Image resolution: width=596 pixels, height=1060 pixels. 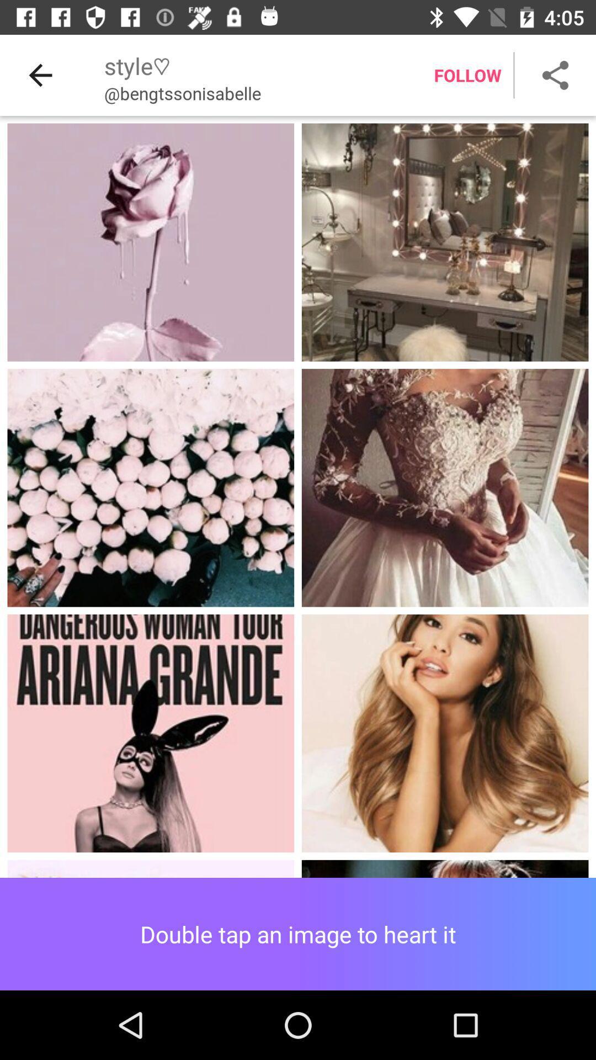 What do you see at coordinates (555, 75) in the screenshot?
I see `share button which is on the top right corner of page` at bounding box center [555, 75].